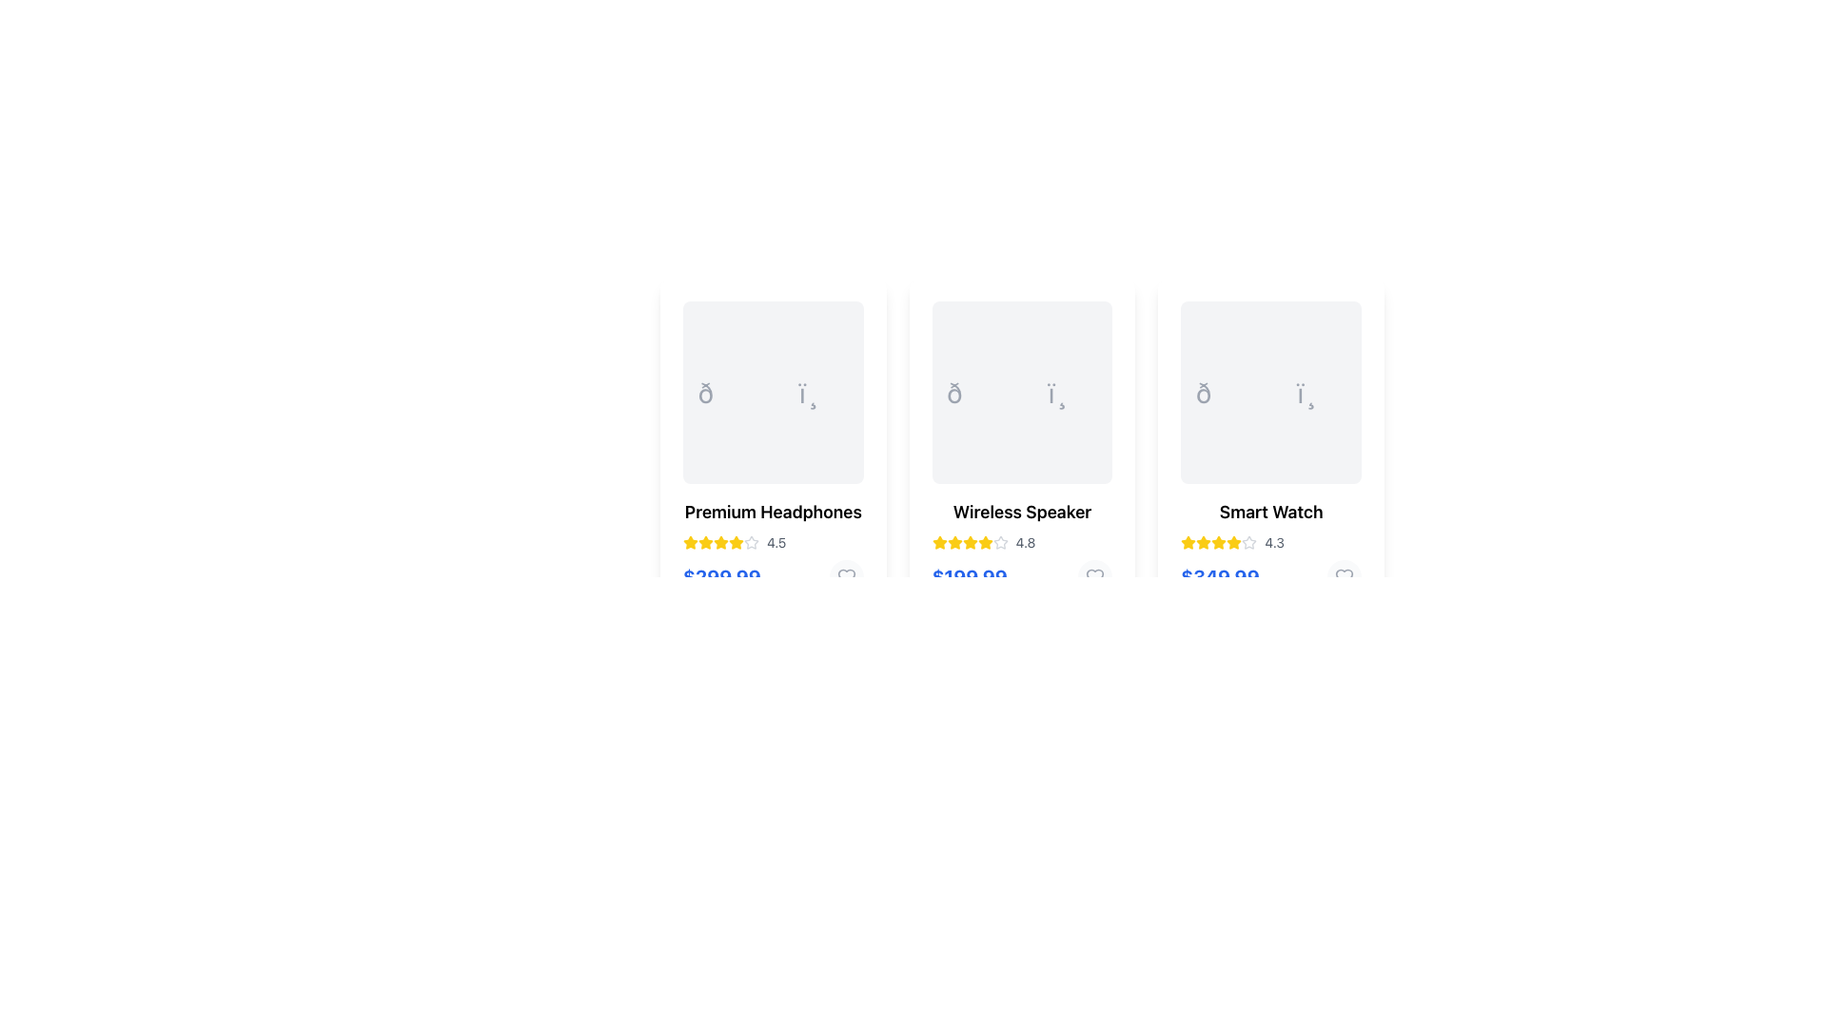 This screenshot has height=1027, width=1827. I want to click on the yellow star icon indicating a rating of '4.8' for the product titled 'Wireless Speaker', which is the first star in a five-star rating system, so click(939, 542).